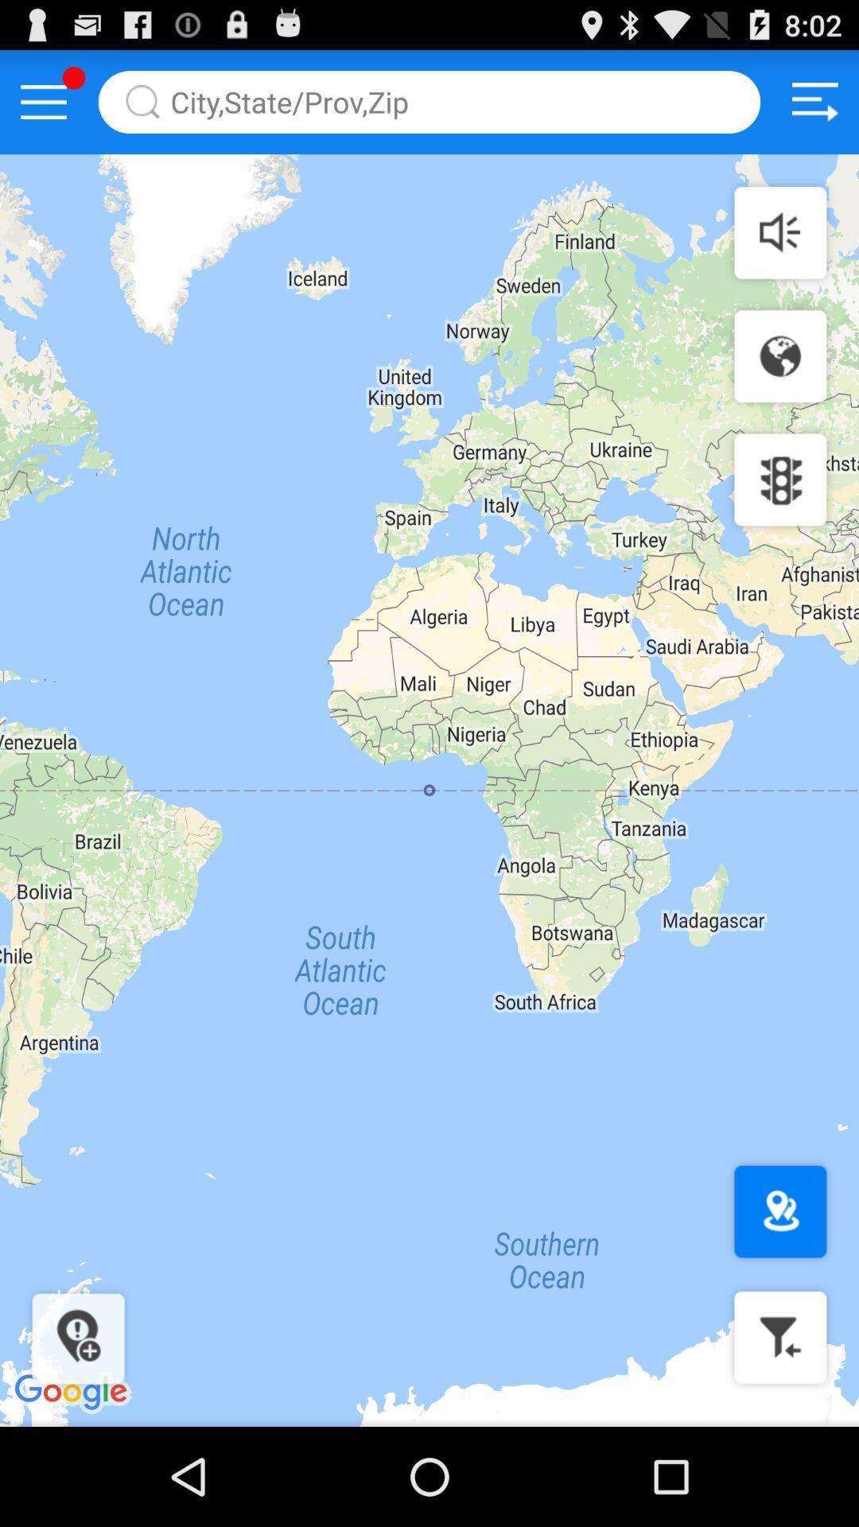  Describe the element at coordinates (779, 1336) in the screenshot. I see `filter the destination` at that location.